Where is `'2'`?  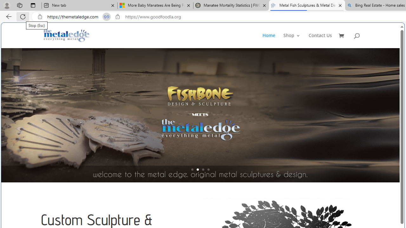
'2' is located at coordinates (197, 169).